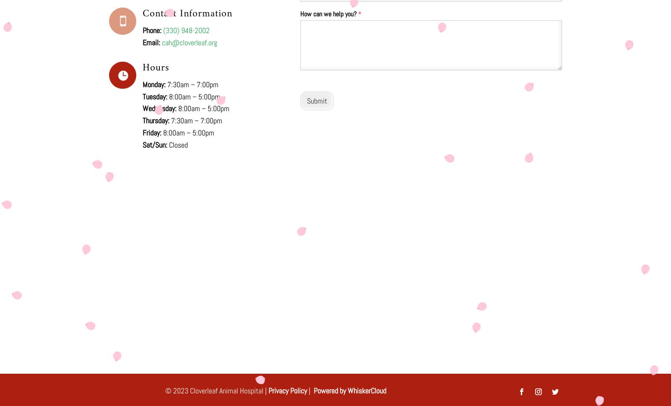 The height and width of the screenshot is (406, 671). I want to click on 'Monday:', so click(154, 84).